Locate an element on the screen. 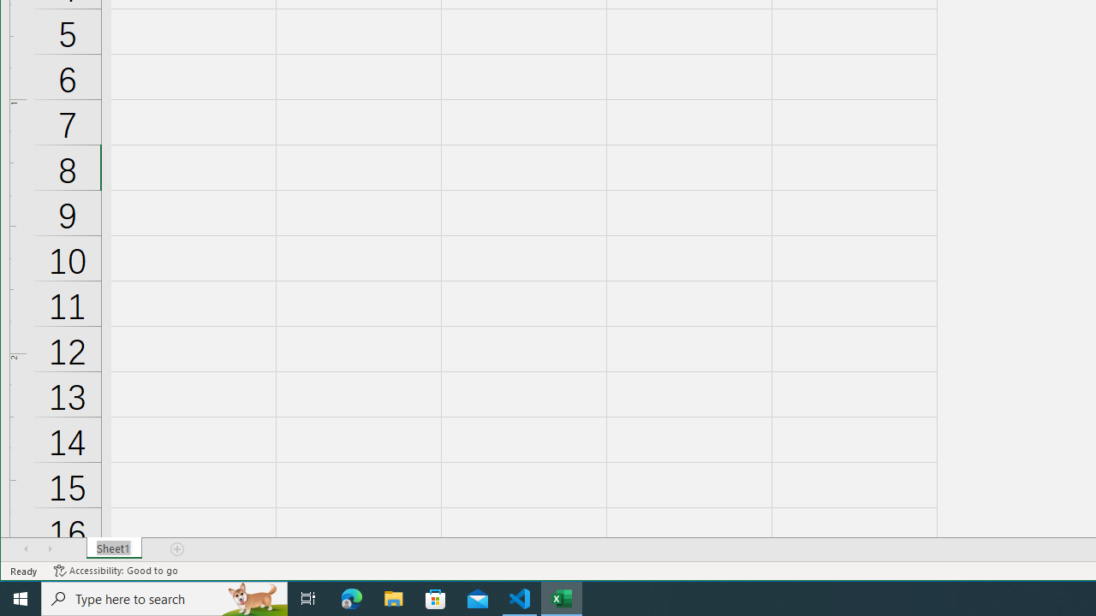 This screenshot has height=616, width=1096. 'Excel - 1 running window' is located at coordinates (562, 597).